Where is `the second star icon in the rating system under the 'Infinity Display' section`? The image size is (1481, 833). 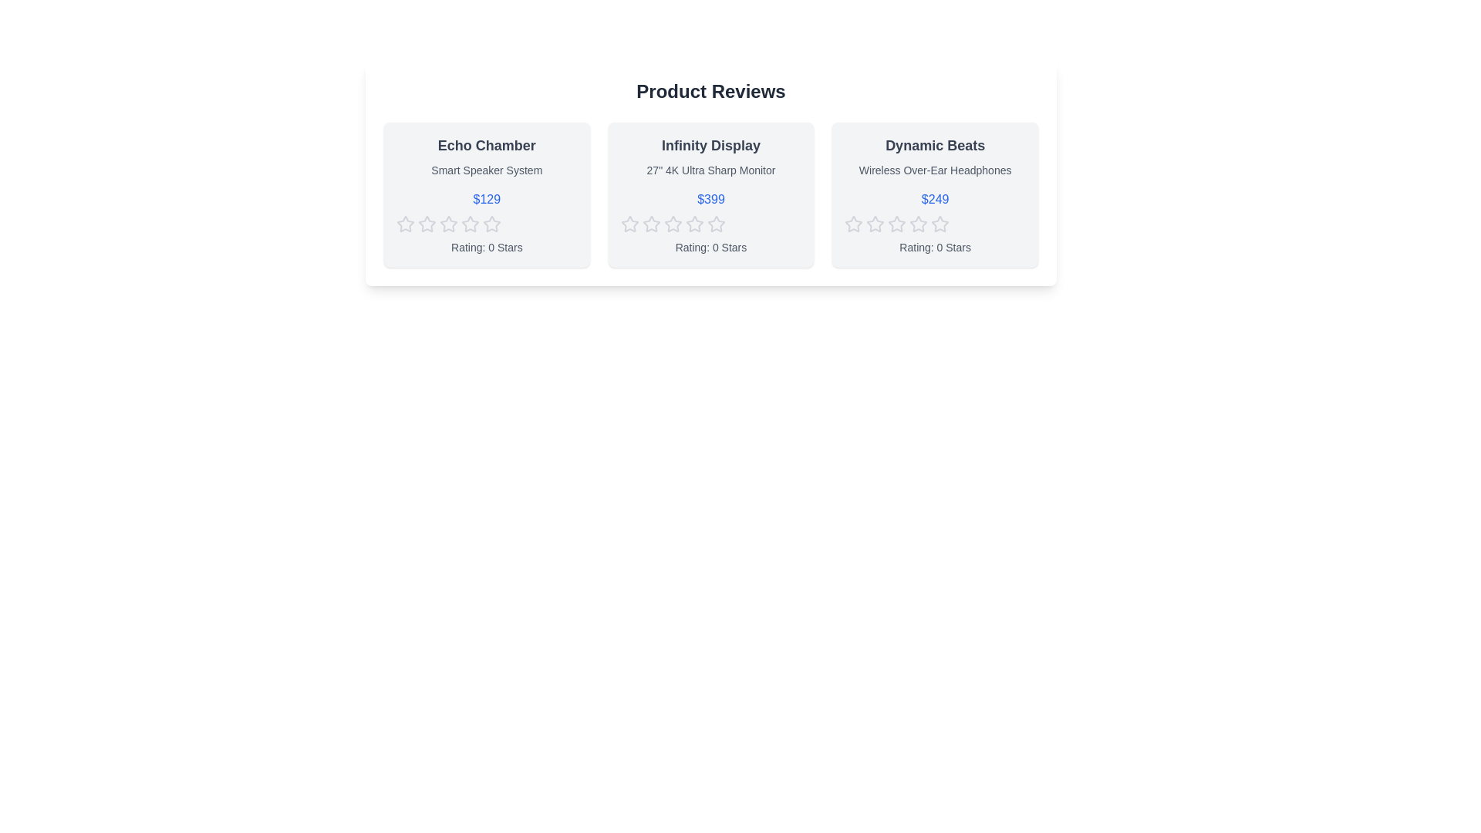 the second star icon in the rating system under the 'Infinity Display' section is located at coordinates (673, 224).